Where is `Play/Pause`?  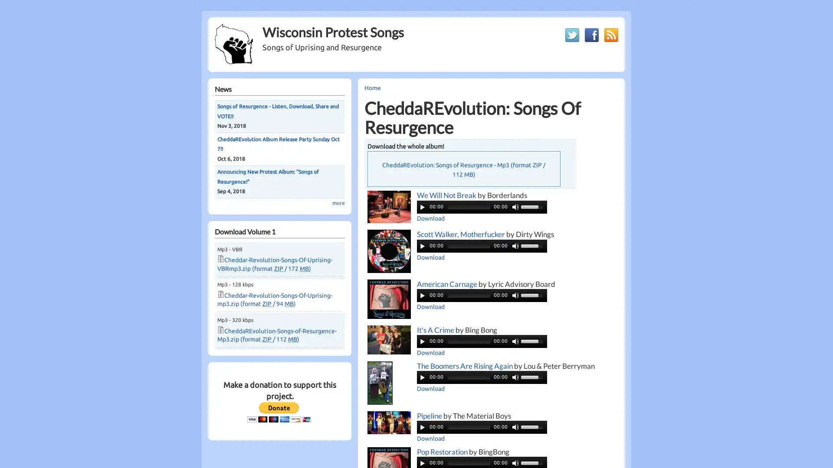 Play/Pause is located at coordinates (423, 377).